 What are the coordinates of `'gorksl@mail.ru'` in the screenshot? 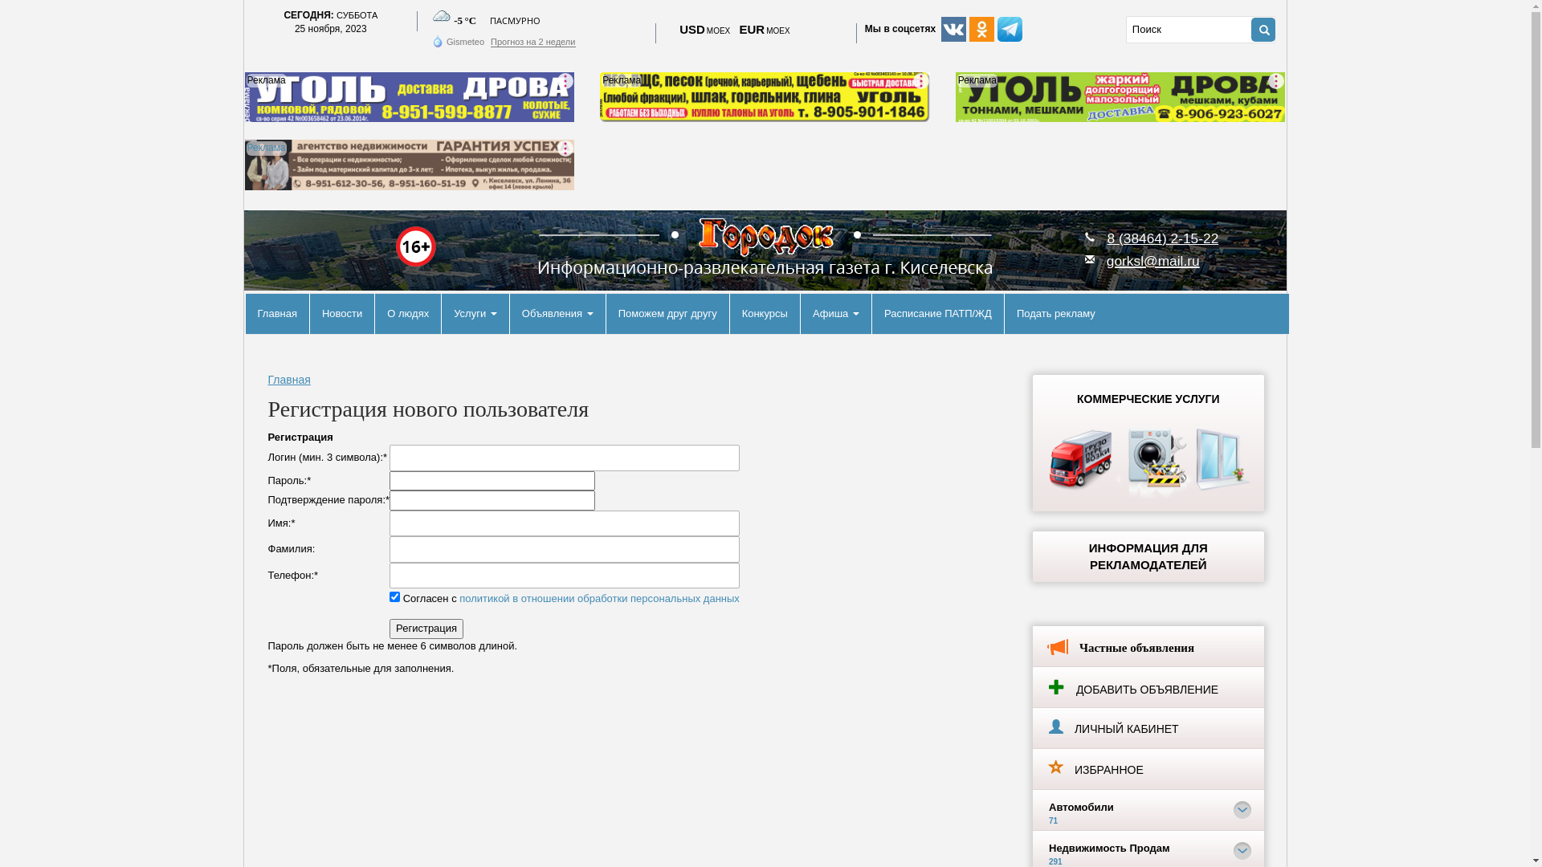 It's located at (1105, 259).